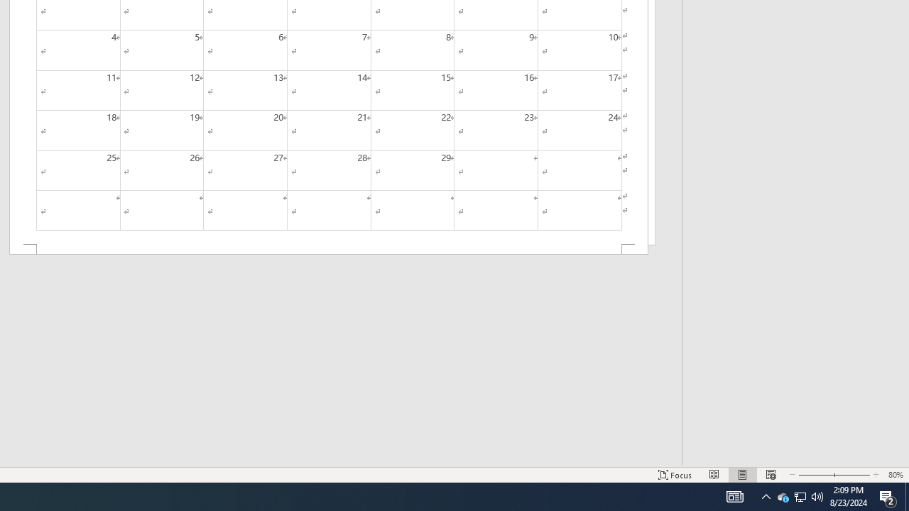 This screenshot has height=511, width=909. What do you see at coordinates (327, 248) in the screenshot?
I see `'Footer -Section 2-'` at bounding box center [327, 248].